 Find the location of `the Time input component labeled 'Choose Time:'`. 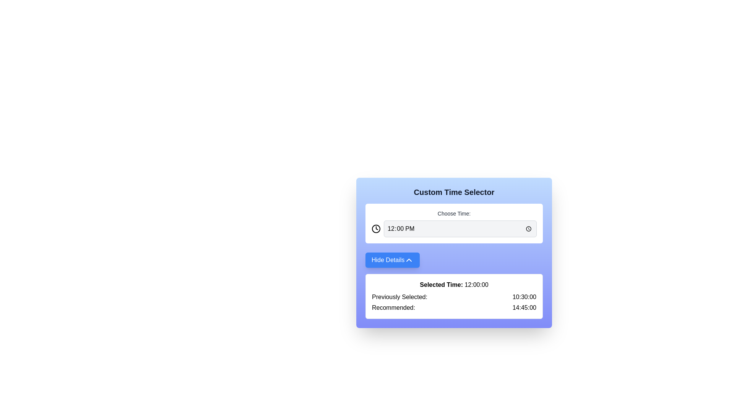

the Time input component labeled 'Choose Time:' is located at coordinates (454, 223).